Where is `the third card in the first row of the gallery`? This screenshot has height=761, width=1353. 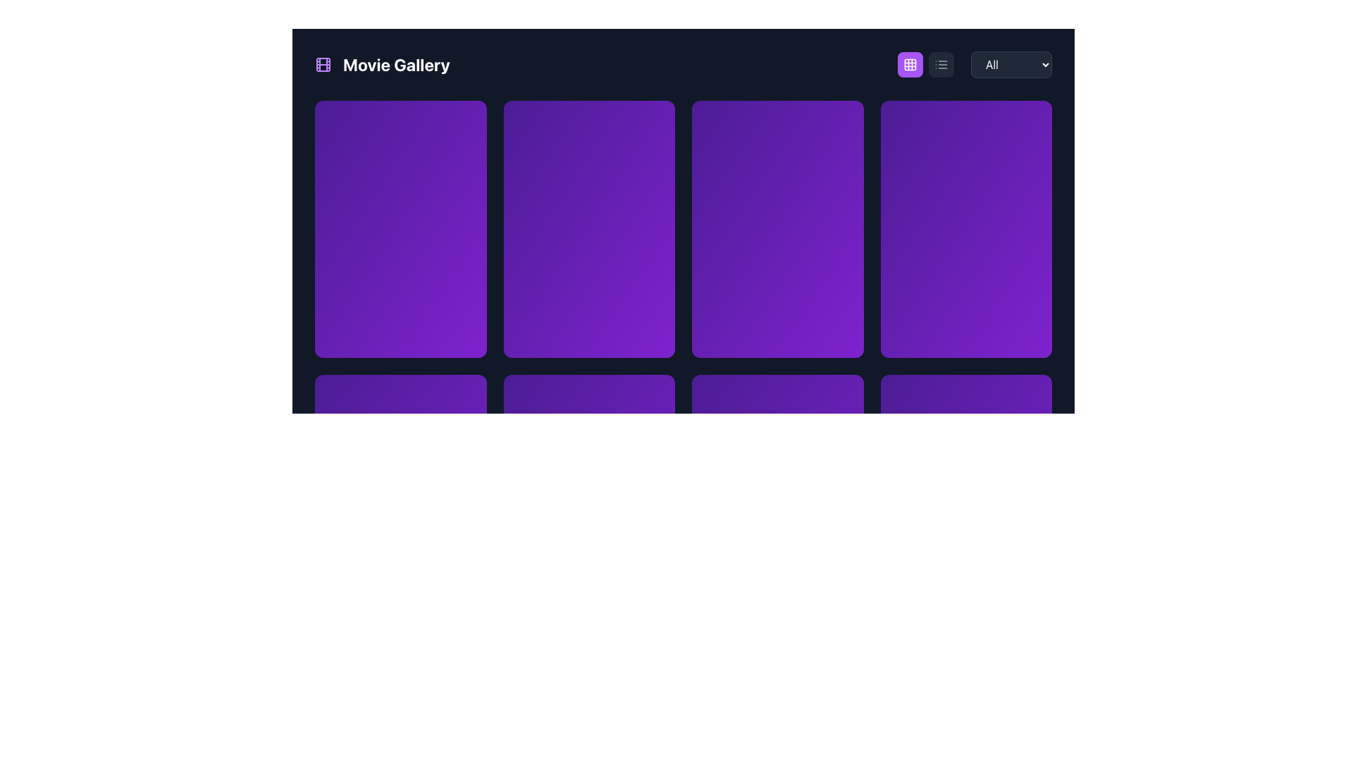 the third card in the first row of the gallery is located at coordinates (777, 228).